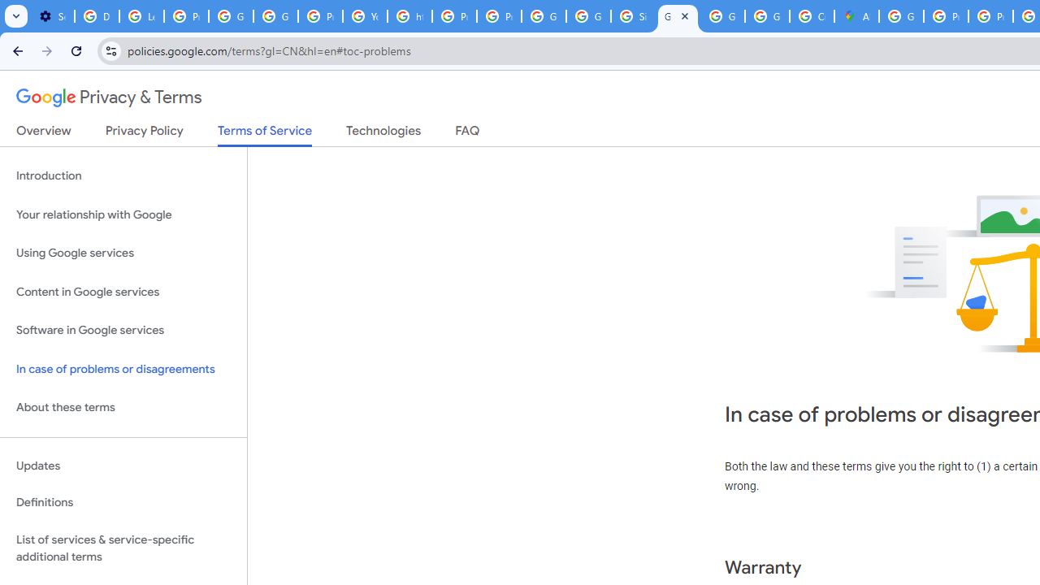 The width and height of the screenshot is (1040, 585). What do you see at coordinates (123, 214) in the screenshot?
I see `'Your relationship with Google'` at bounding box center [123, 214].